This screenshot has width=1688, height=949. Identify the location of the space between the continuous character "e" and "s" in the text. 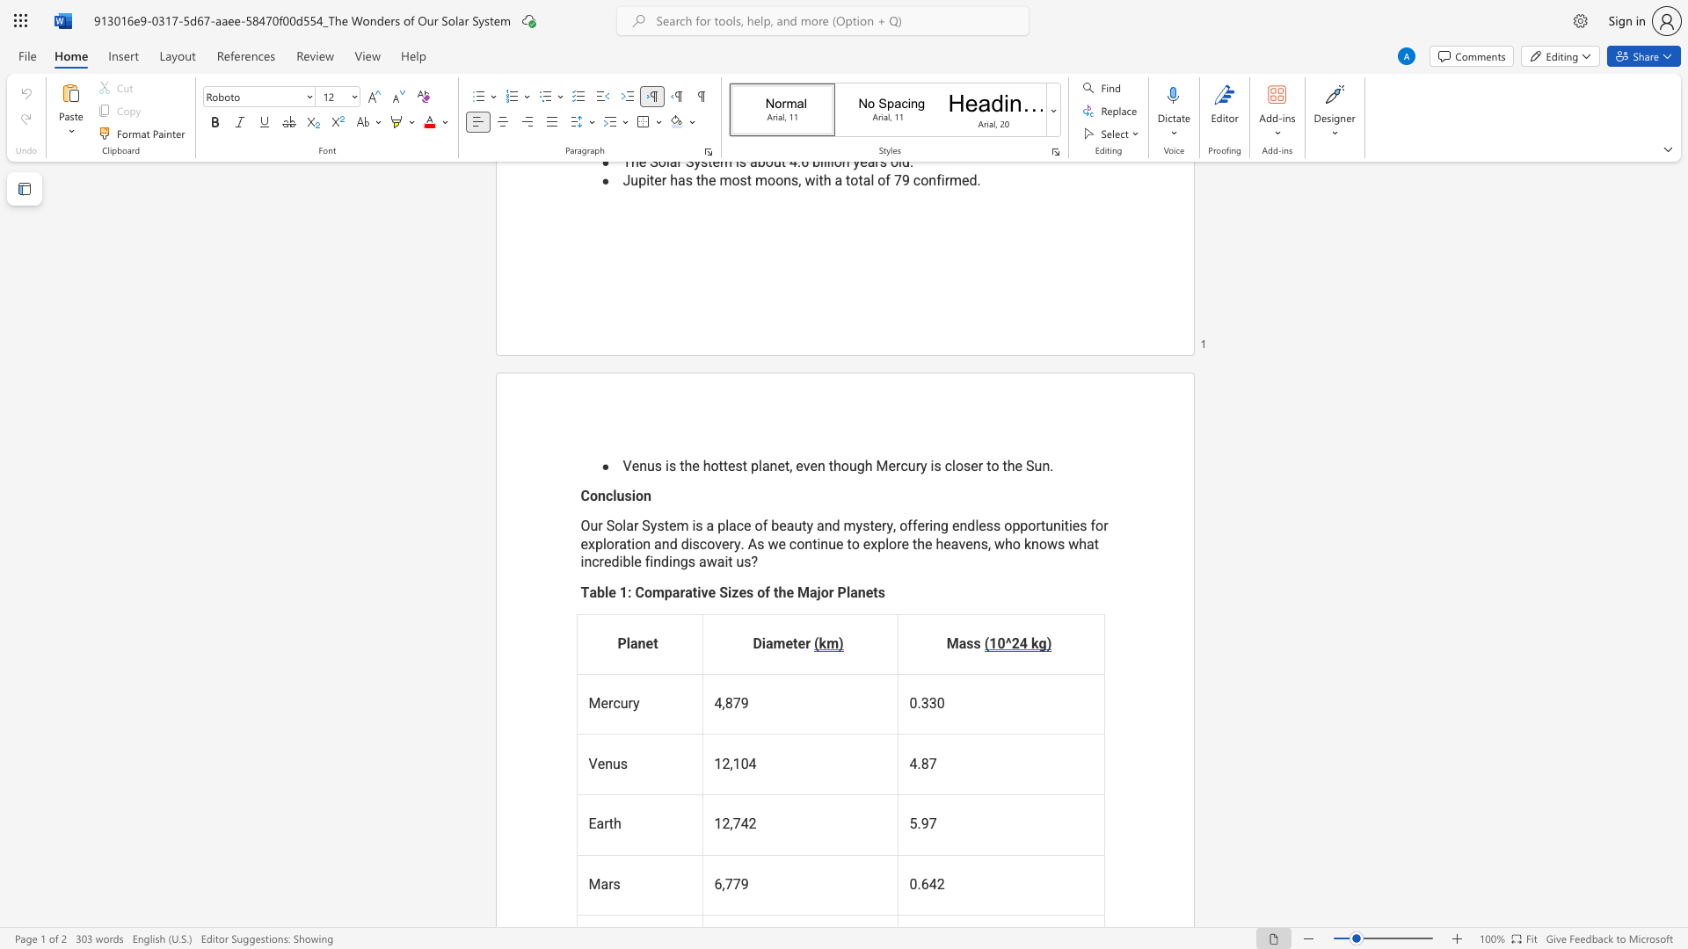
(746, 592).